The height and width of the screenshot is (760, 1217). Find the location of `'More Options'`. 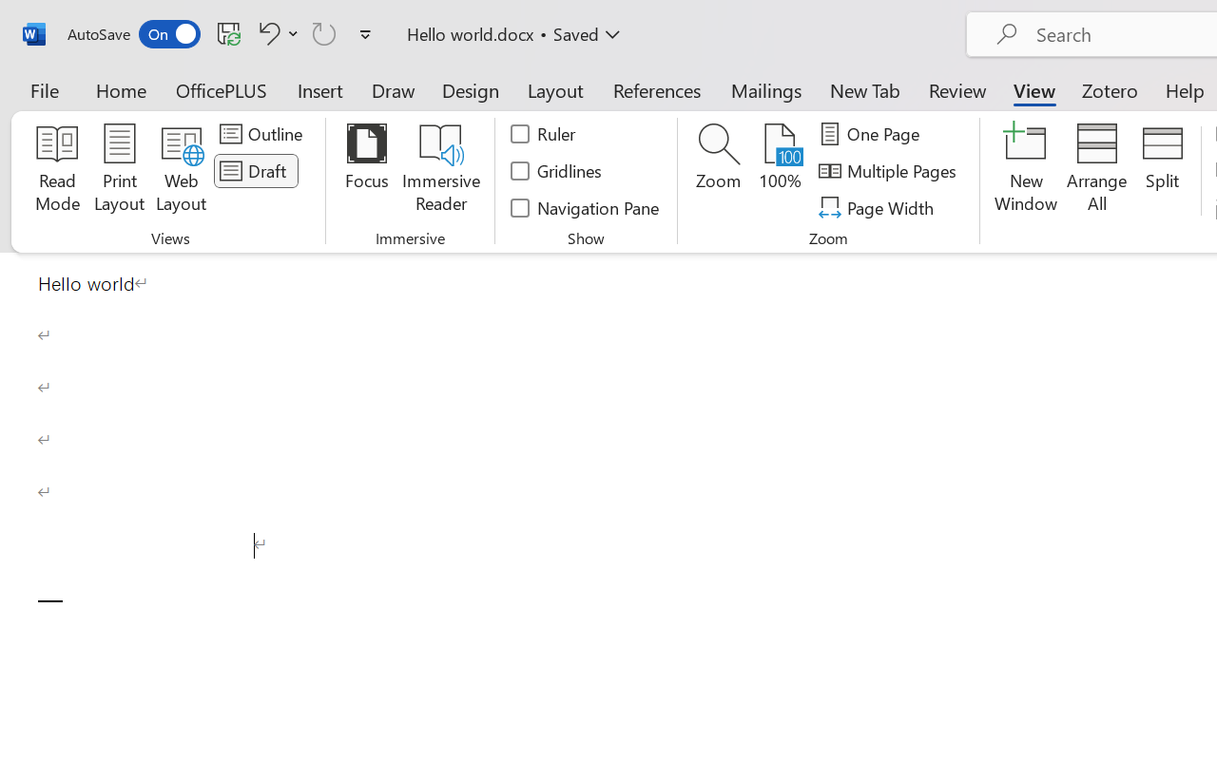

'More Options' is located at coordinates (293, 32).